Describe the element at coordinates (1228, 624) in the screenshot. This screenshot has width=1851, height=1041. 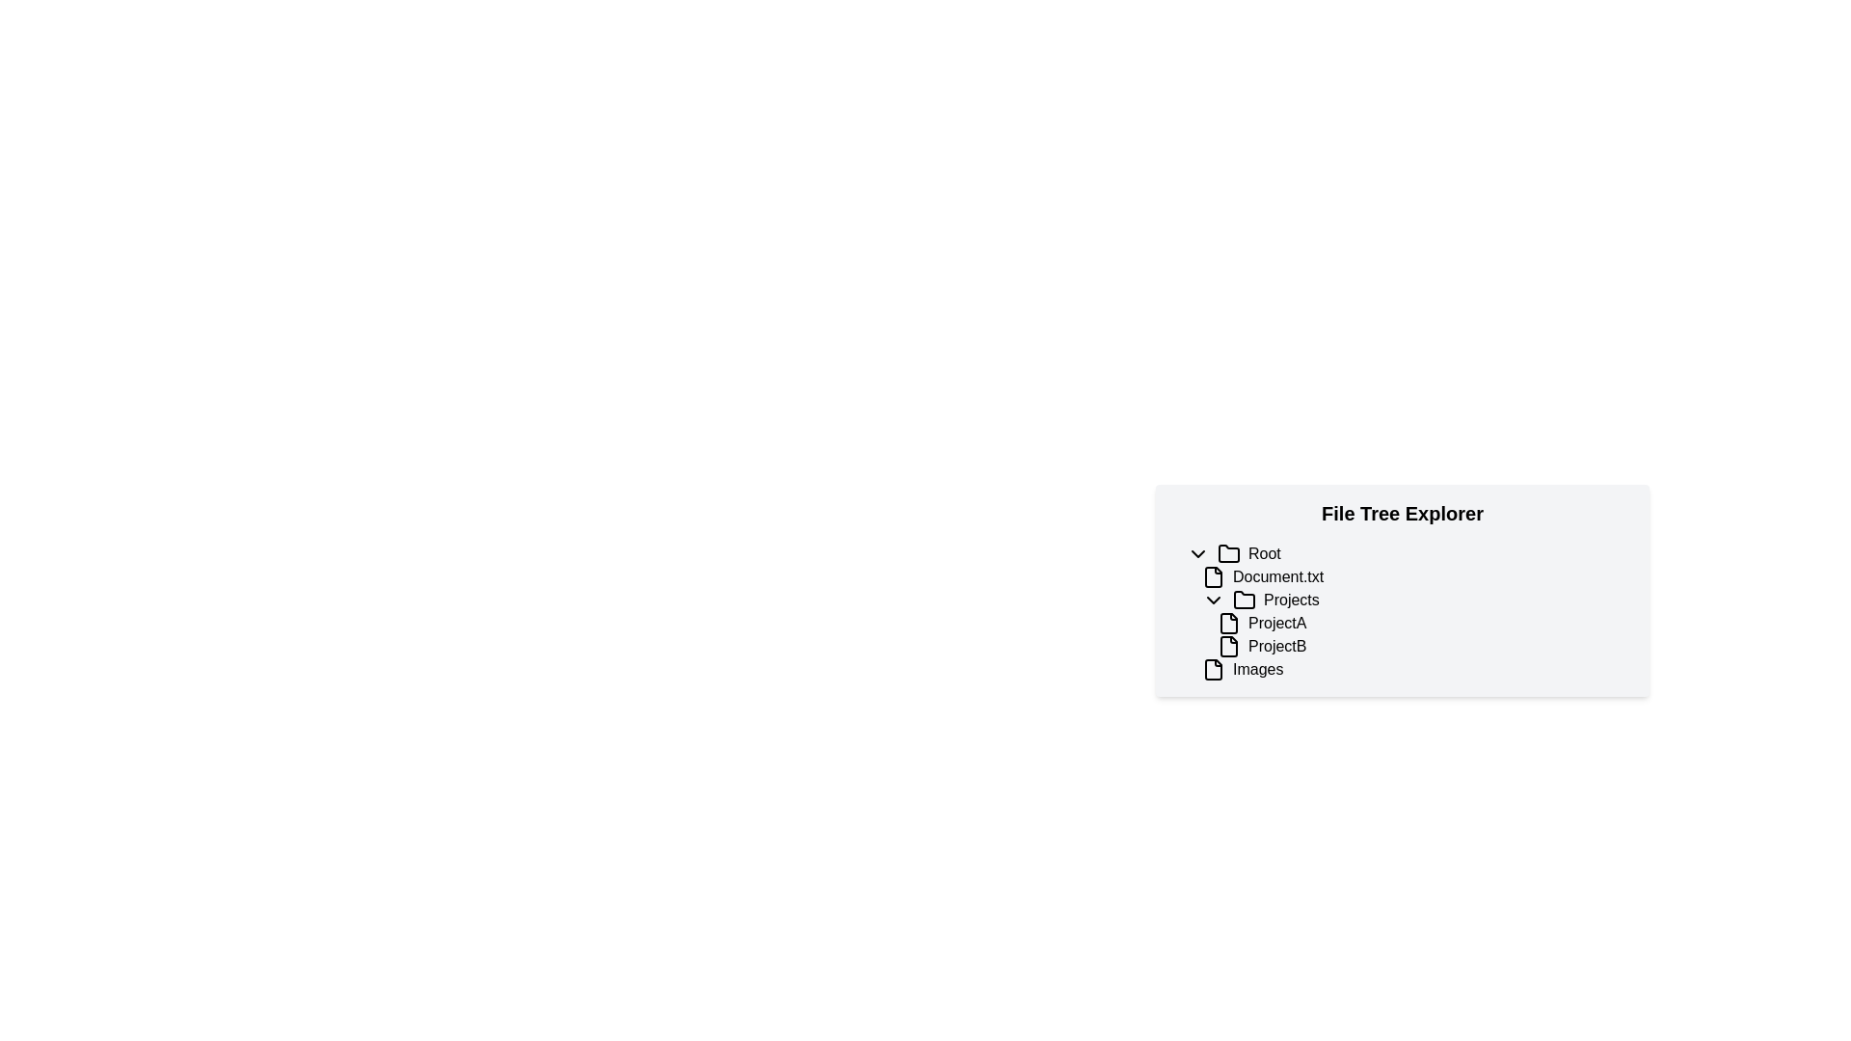
I see `the icon representing 'ProjectA' in the file tree, located at the left end of the row for quick recognition` at that location.